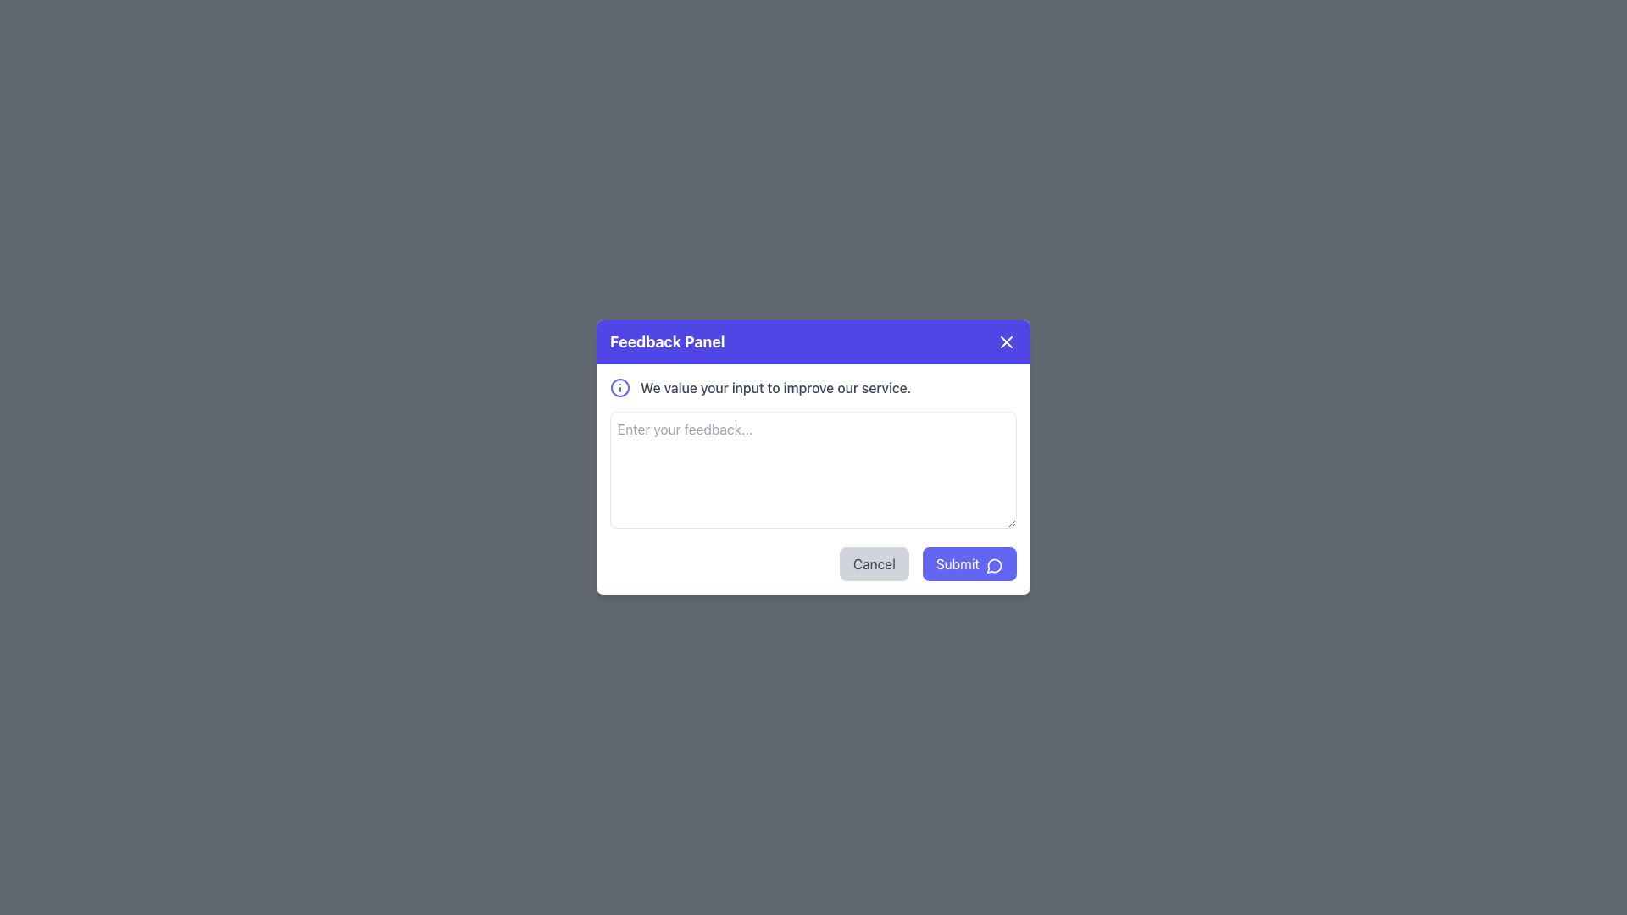 This screenshot has height=915, width=1627. I want to click on the Text Label that provides contextual information encouraging user feedback, located to the right of the information icon, so click(775, 388).